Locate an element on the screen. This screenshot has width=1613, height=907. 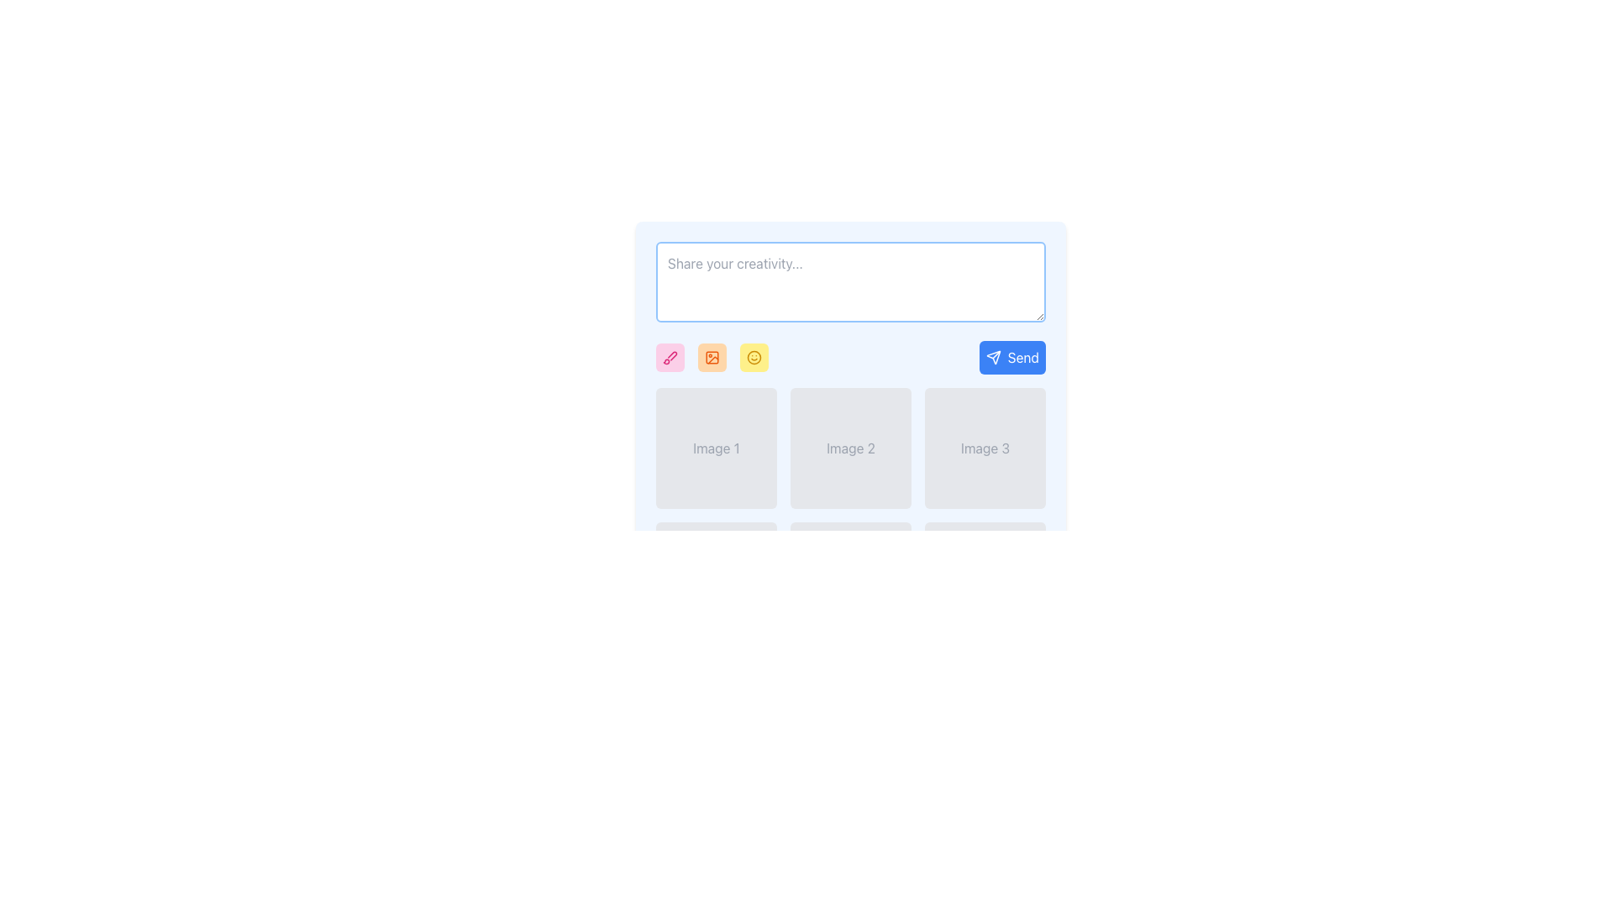
the visual content placeholder labeled 'Image 3' located is located at coordinates (985, 447).